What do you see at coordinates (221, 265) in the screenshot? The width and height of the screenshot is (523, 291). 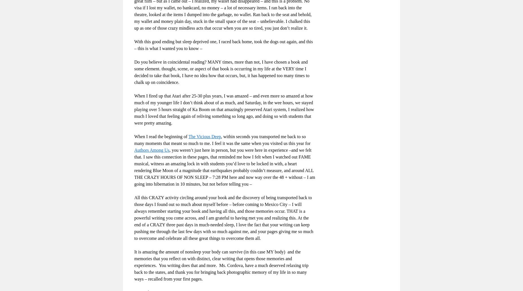 I see `'It is amazing the amount of nonsleep your body can survive (in this case MY body)  and the memories that you reflect on with distinct, clear writing that opens those memories and experiences.  You writing does that and more.  Ms. Cordova, have a much deserved relaxing trip back to the states, and thank you for bringing back photographic memory of my life in so many ways – recalled from your first pages.'` at bounding box center [221, 265].